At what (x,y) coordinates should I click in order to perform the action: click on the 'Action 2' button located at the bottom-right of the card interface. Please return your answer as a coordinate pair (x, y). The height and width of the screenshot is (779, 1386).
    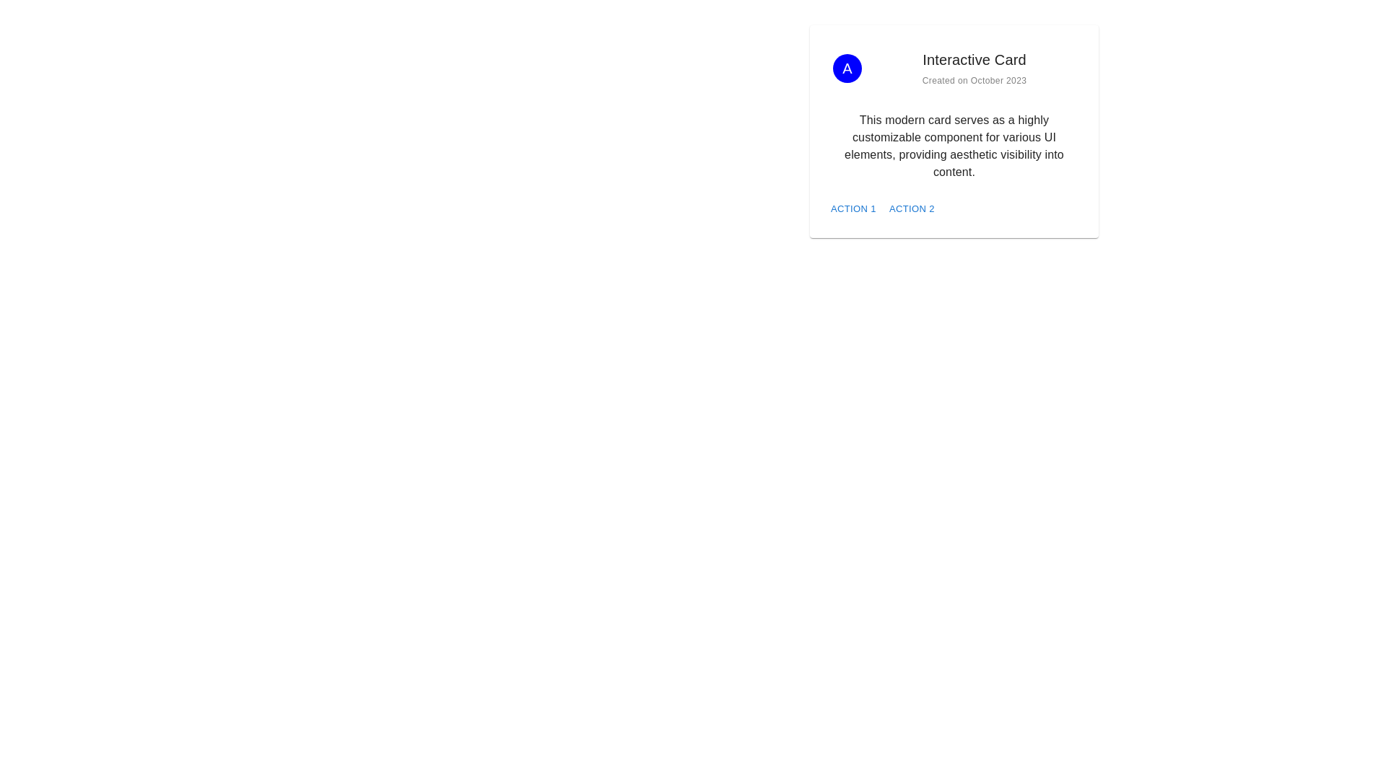
    Looking at the image, I should click on (911, 209).